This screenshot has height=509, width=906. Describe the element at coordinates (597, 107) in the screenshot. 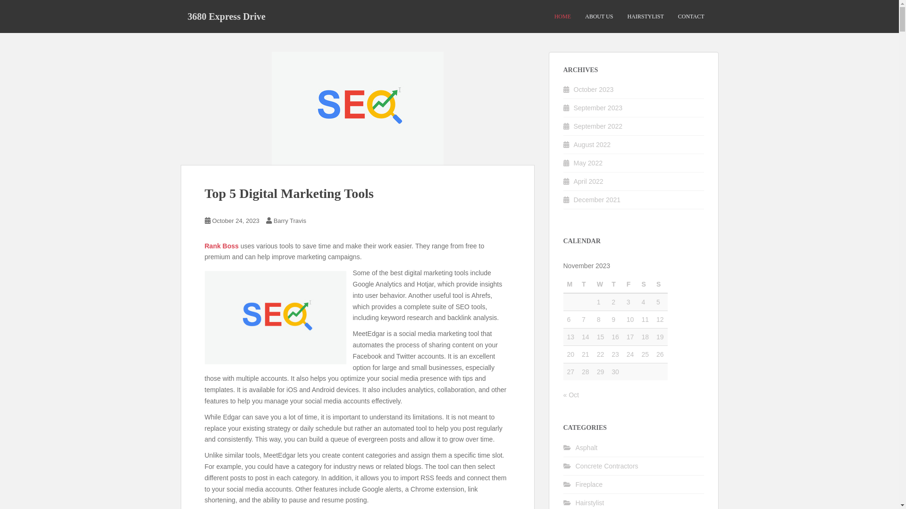

I see `'September 2023'` at that location.